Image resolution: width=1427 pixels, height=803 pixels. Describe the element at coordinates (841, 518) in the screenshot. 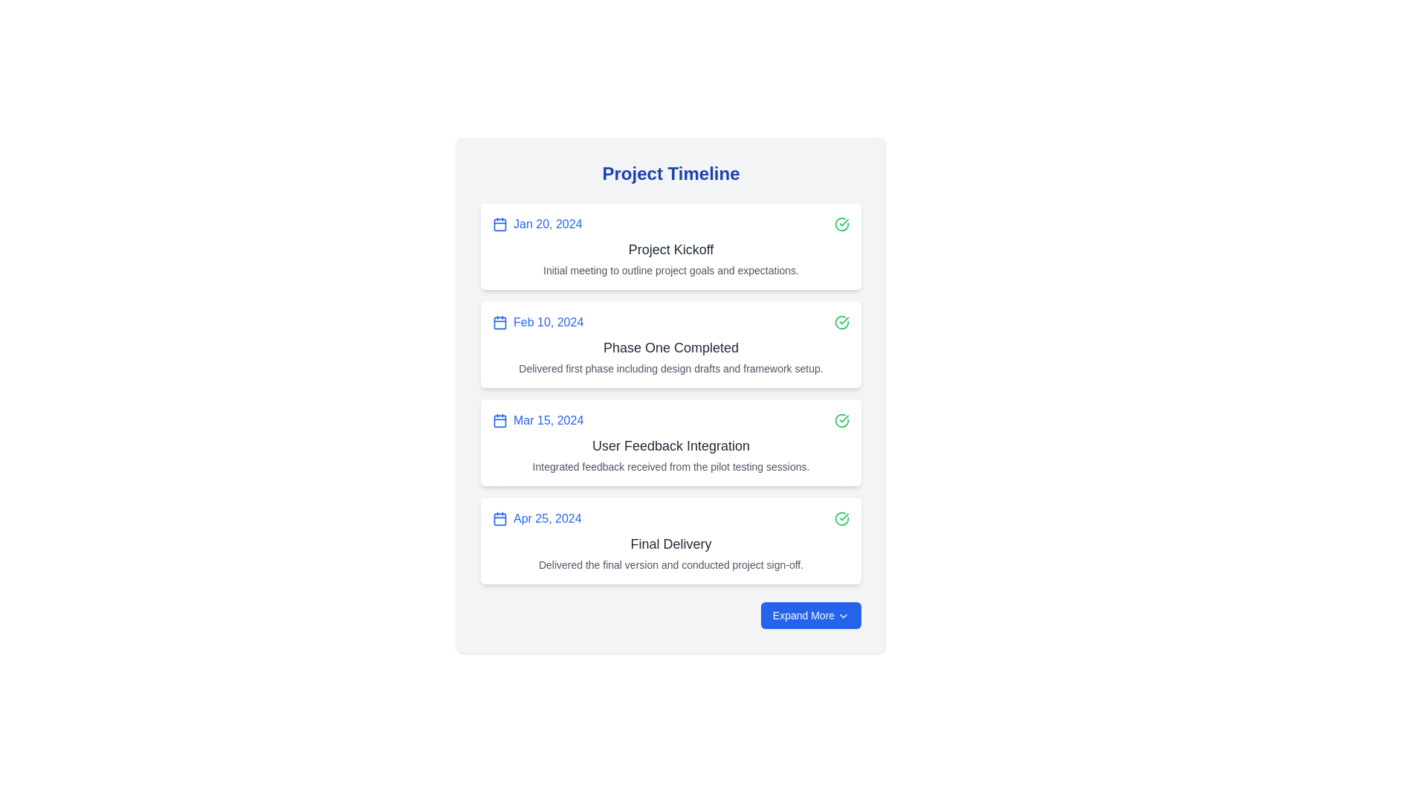

I see `the completion or approval status icon located at the end of the timeline entry labeled 'Apr 25, 2024'` at that location.